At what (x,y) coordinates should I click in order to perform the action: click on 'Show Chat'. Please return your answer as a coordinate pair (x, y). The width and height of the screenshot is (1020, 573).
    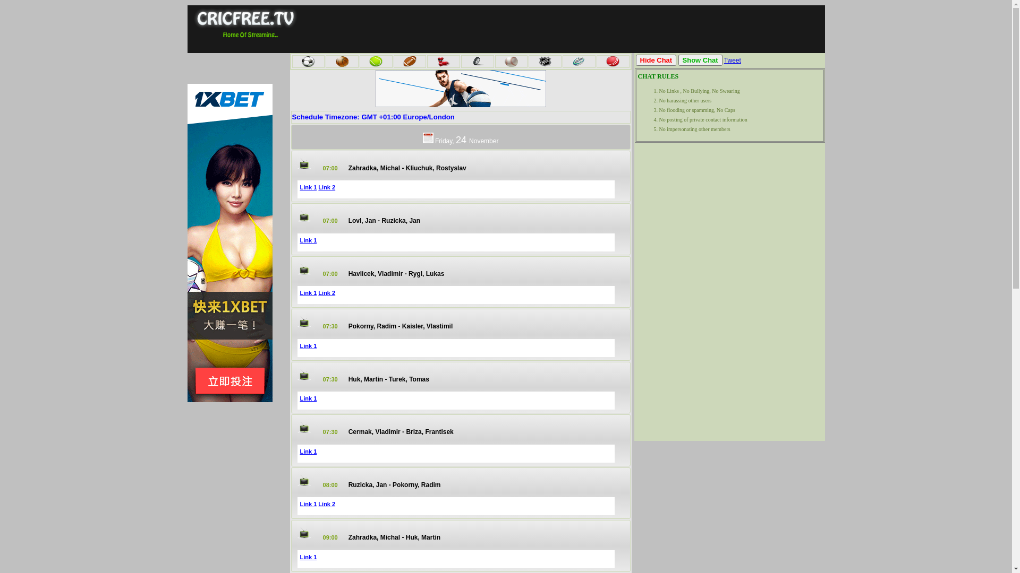
    Looking at the image, I should click on (700, 60).